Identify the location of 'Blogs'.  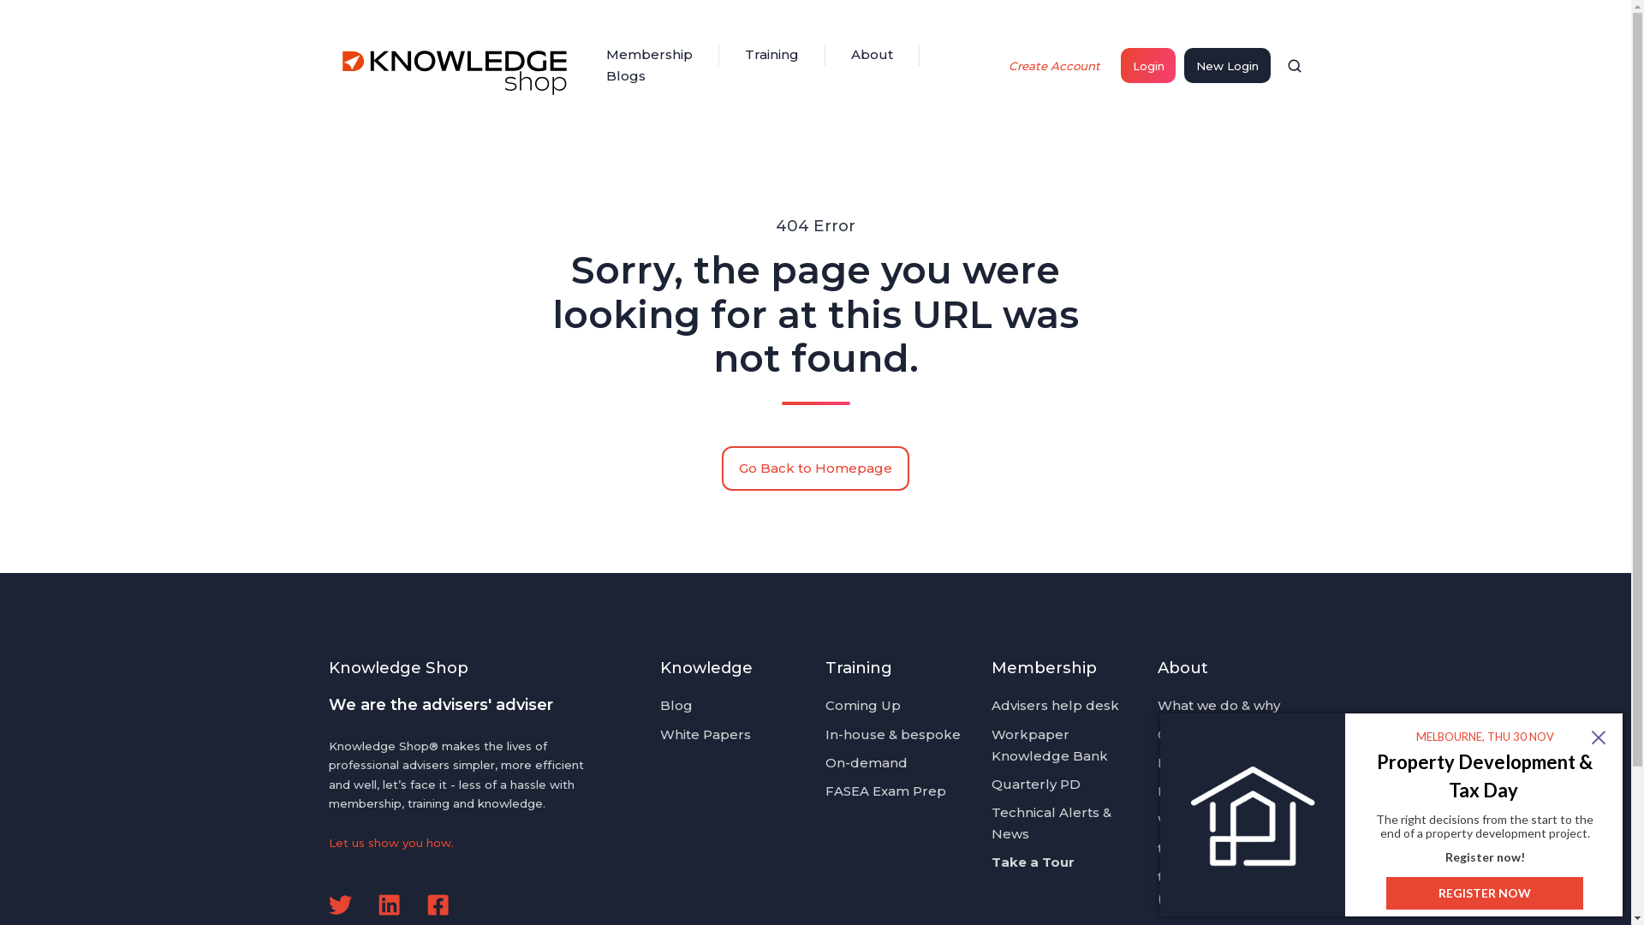
(624, 75).